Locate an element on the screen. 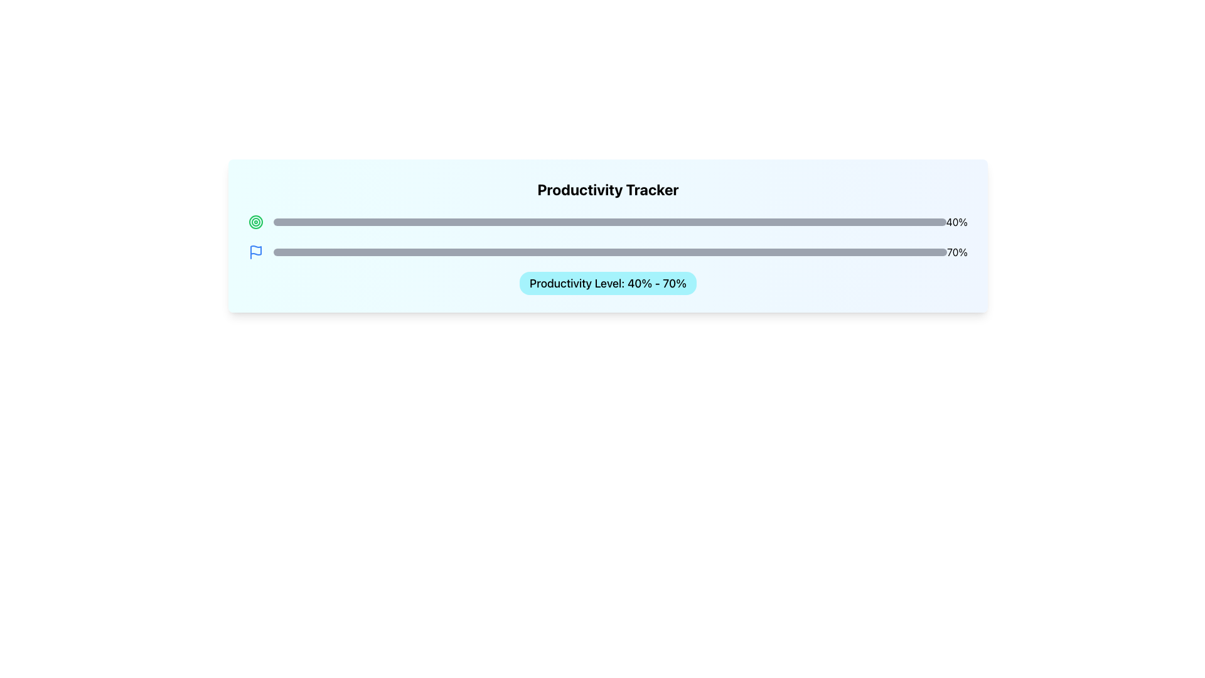 This screenshot has width=1205, height=678. the second concentric circle of the bullseye target icon located to the left of the top productivity bar is located at coordinates (255, 222).